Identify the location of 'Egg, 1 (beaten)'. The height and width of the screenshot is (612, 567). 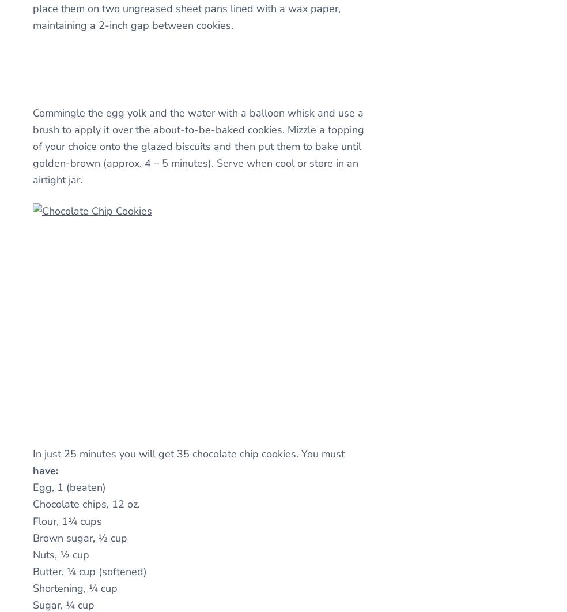
(69, 487).